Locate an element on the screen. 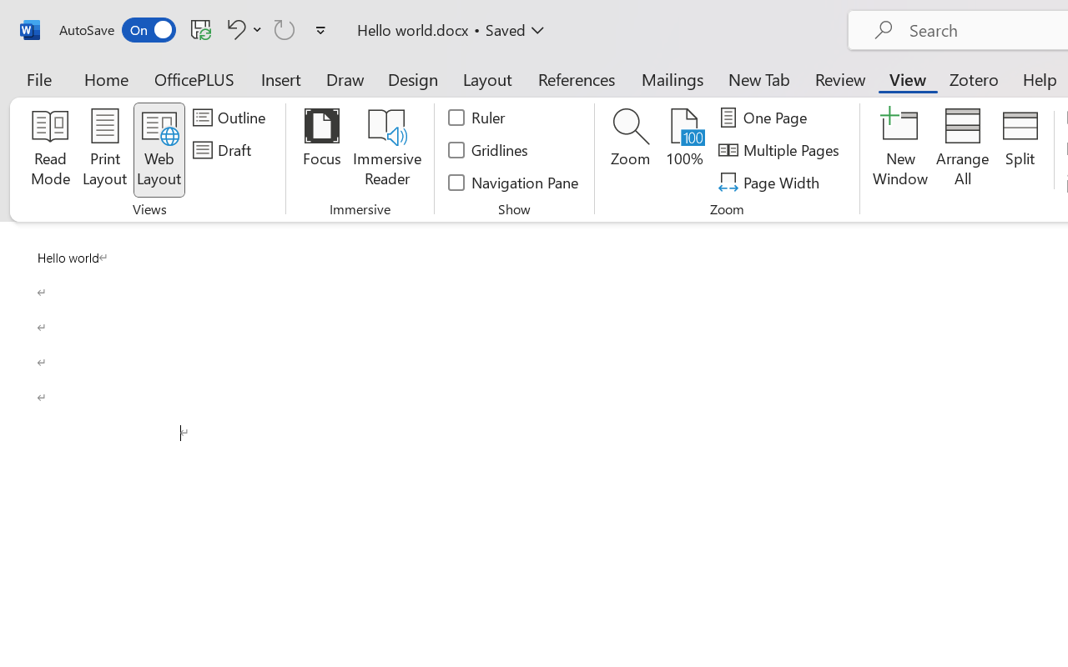  'Arrange All' is located at coordinates (962, 149).